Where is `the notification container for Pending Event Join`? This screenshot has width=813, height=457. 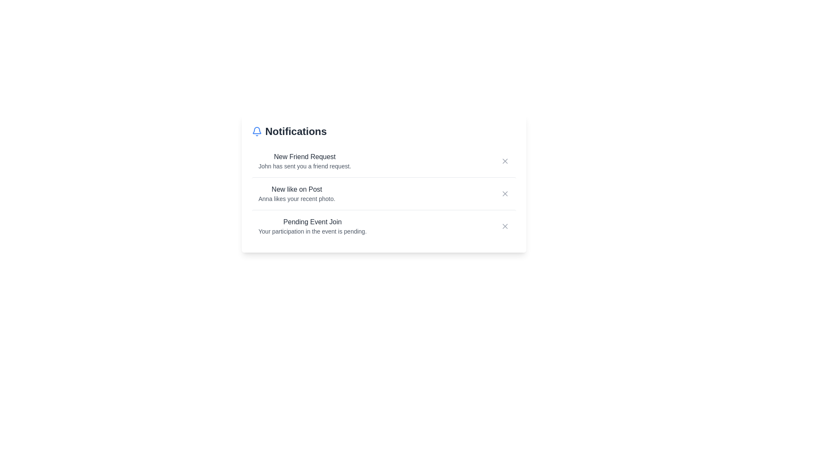
the notification container for Pending Event Join is located at coordinates (383, 226).